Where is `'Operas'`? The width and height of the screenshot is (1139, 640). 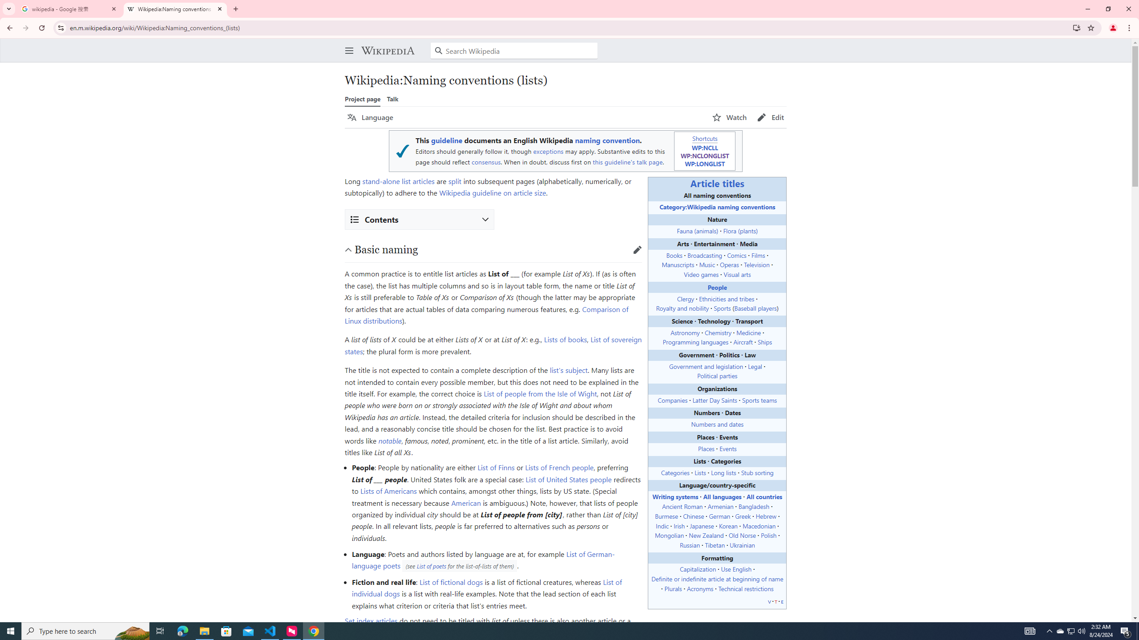
'Operas' is located at coordinates (729, 264).